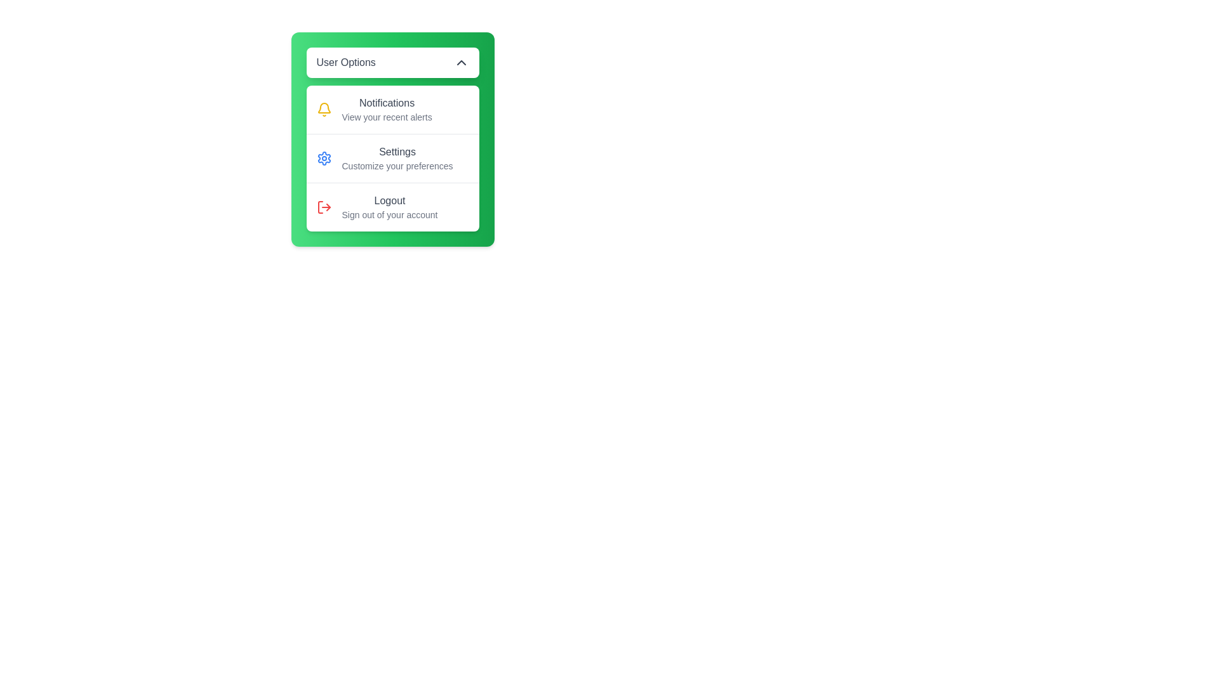  What do you see at coordinates (328, 207) in the screenshot?
I see `the logout symbol located in the third row of the user options dropdown menu, which visually represents the action of logging out, positioned to the left of the 'Logout' label` at bounding box center [328, 207].